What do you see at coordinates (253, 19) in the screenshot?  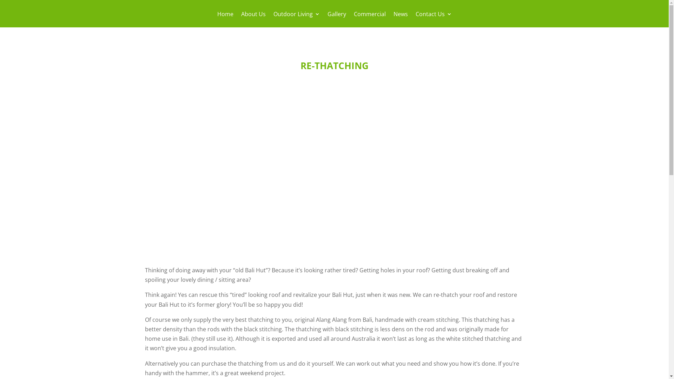 I see `'About Us'` at bounding box center [253, 19].